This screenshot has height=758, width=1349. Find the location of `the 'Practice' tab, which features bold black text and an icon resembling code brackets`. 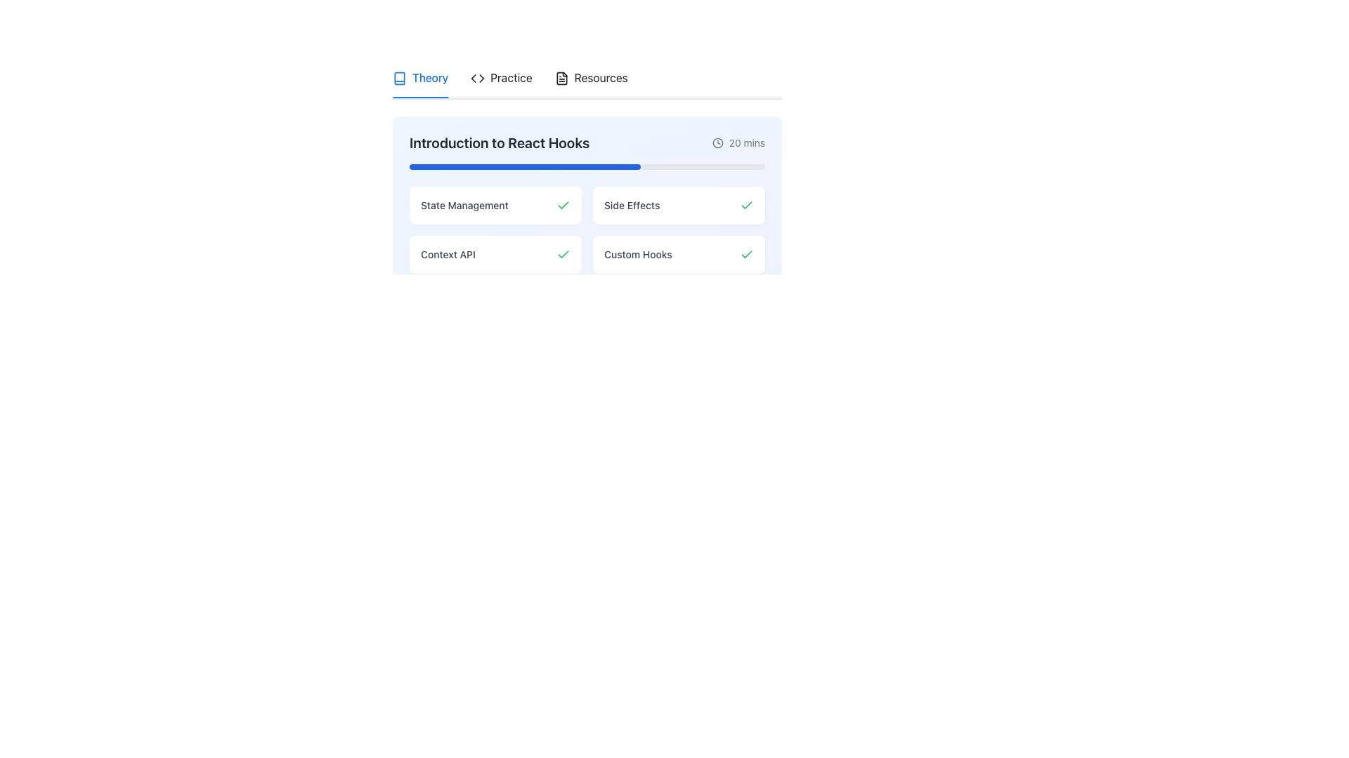

the 'Practice' tab, which features bold black text and an icon resembling code brackets is located at coordinates (501, 78).